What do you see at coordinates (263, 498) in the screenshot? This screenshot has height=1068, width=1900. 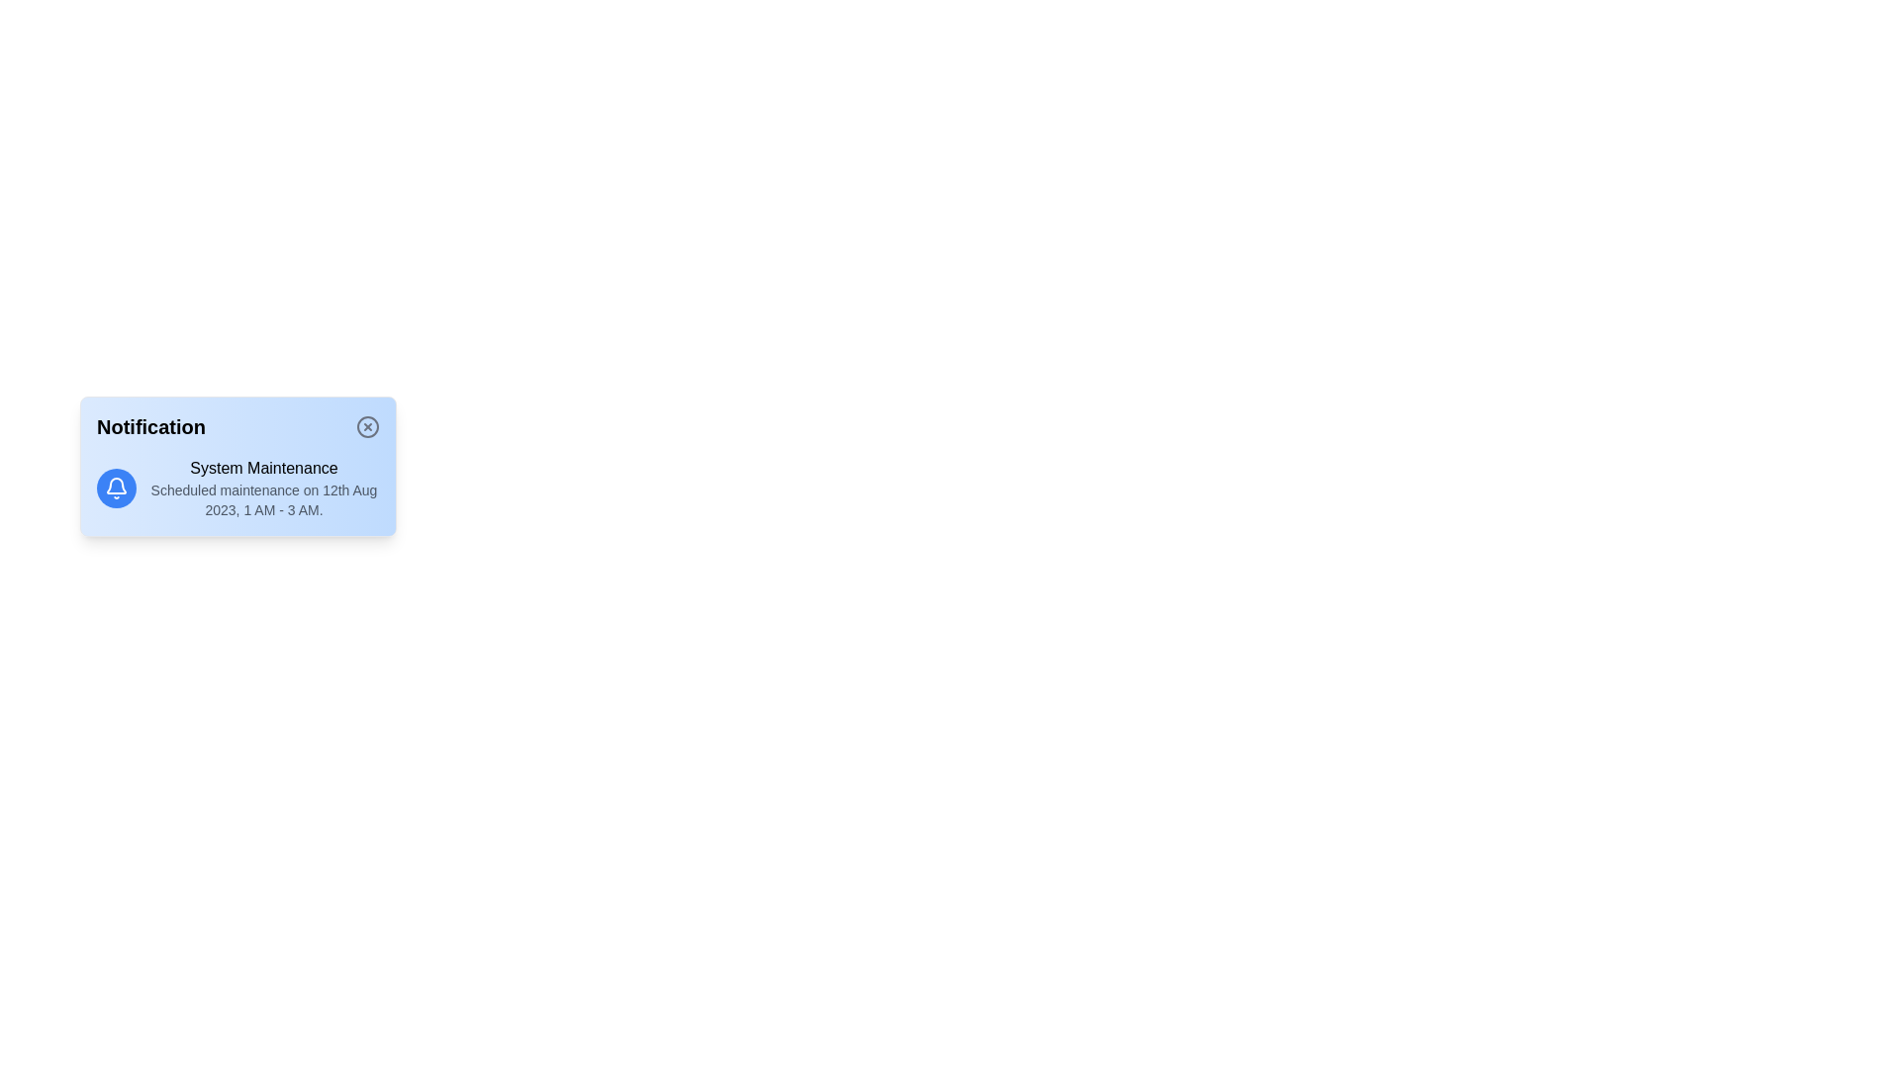 I see `the Text Label that informs users about scheduled maintenance details, located below the header 'System Maintenance' within the notification card` at bounding box center [263, 498].